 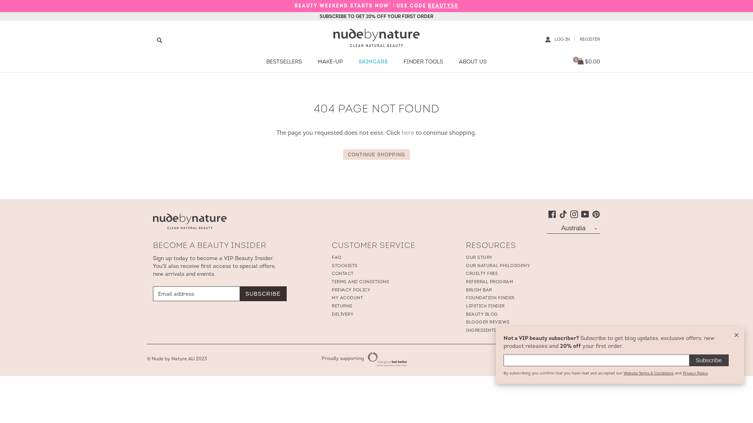 What do you see at coordinates (472, 61) in the screenshot?
I see `'ABOUT US'` at bounding box center [472, 61].